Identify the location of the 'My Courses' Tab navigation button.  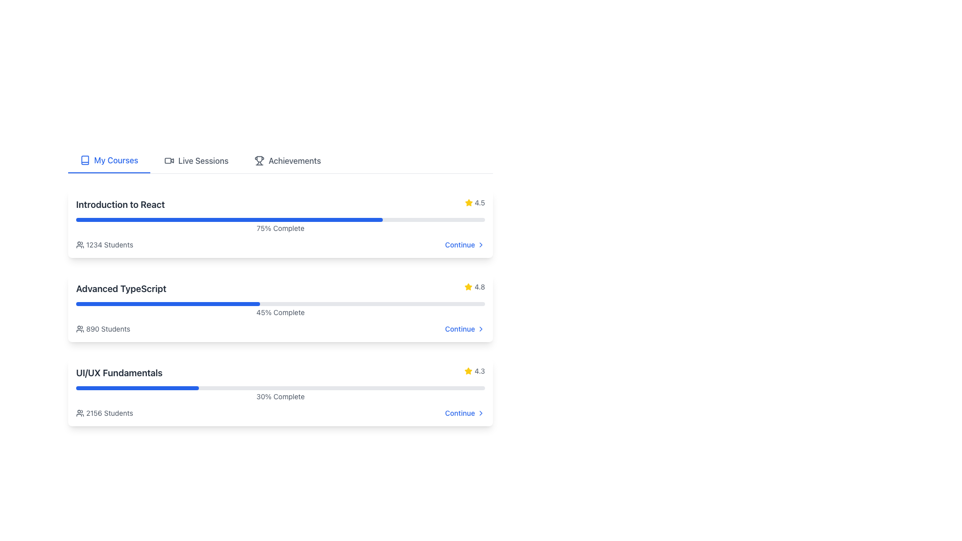
(109, 160).